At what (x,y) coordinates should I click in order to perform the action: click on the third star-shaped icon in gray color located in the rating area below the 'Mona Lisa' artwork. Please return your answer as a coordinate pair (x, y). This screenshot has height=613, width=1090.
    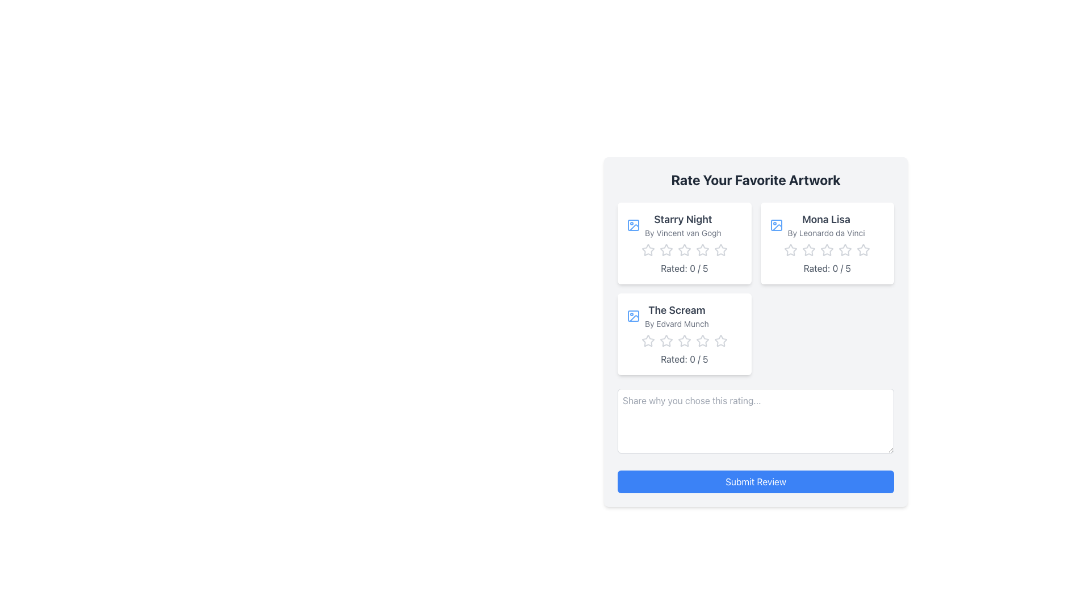
    Looking at the image, I should click on (827, 249).